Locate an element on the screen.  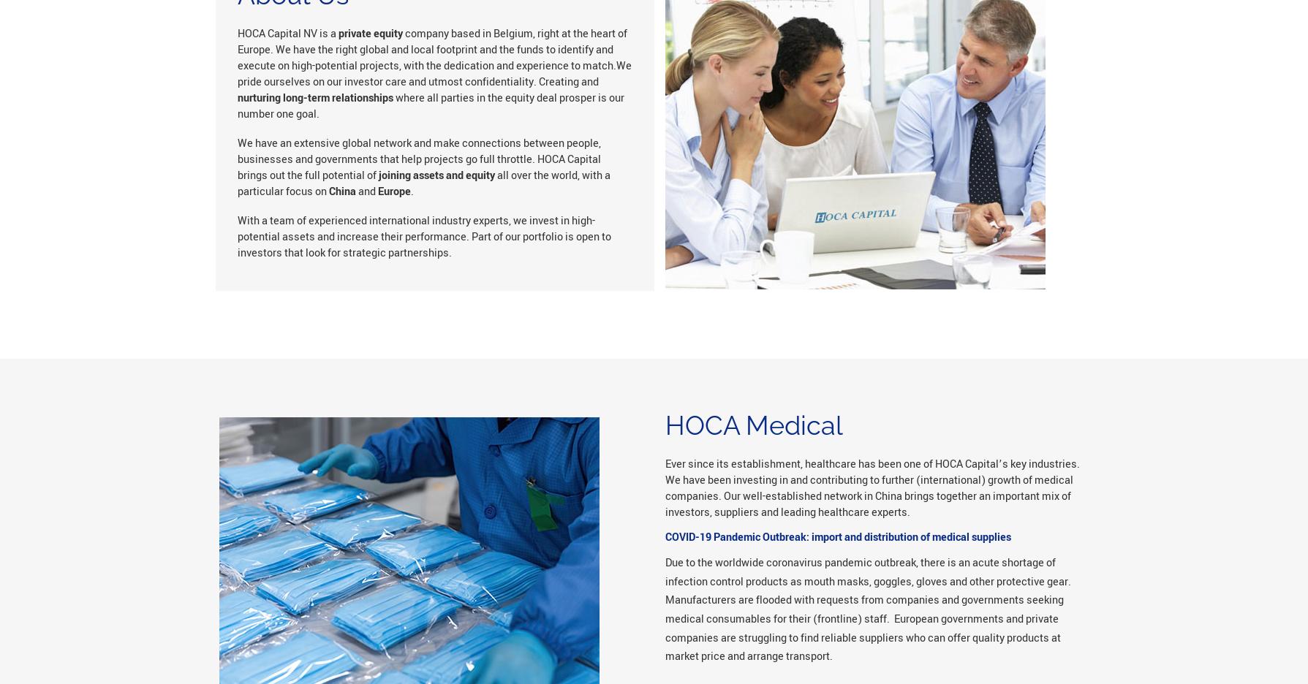
'Search:' is located at coordinates (381, 45).